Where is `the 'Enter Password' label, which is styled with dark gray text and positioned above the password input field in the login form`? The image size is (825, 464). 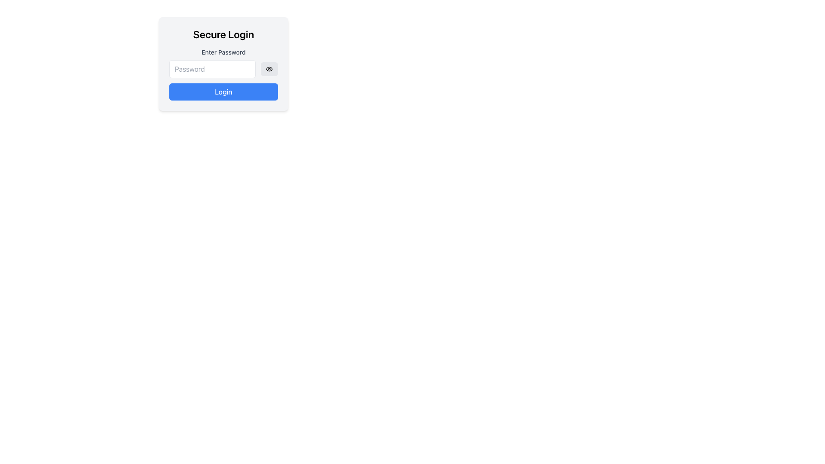 the 'Enter Password' label, which is styled with dark gray text and positioned above the password input field in the login form is located at coordinates (223, 52).